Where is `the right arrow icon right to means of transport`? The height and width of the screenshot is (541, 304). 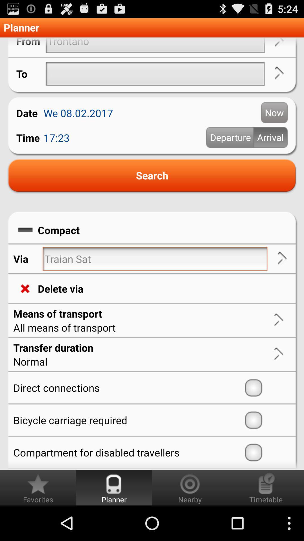 the right arrow icon right to means of transport is located at coordinates (279, 320).